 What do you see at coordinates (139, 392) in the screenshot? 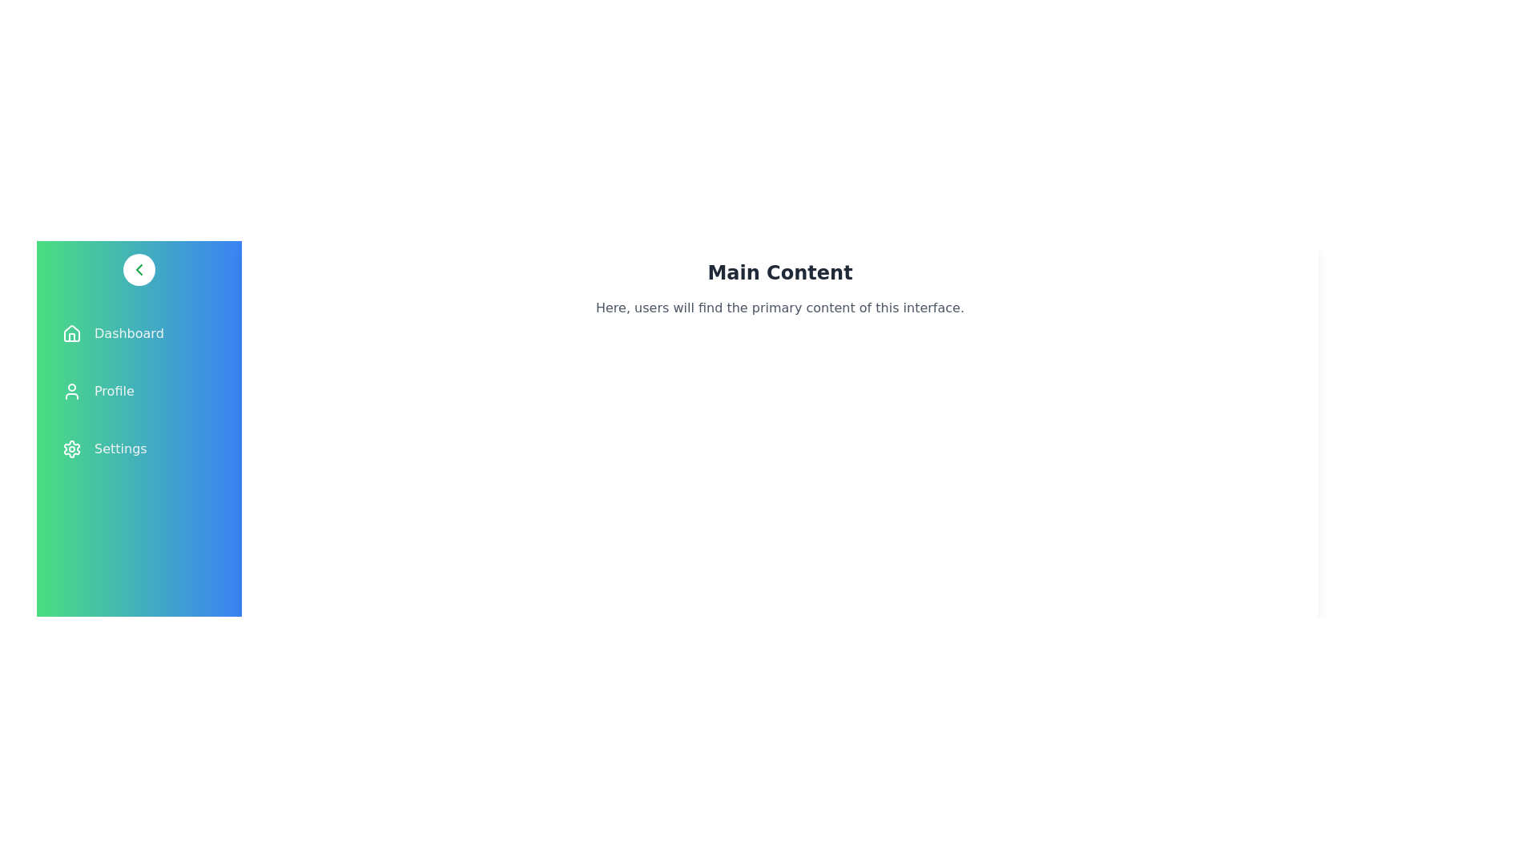
I see `the menu item Profile to observe the hover effect` at bounding box center [139, 392].